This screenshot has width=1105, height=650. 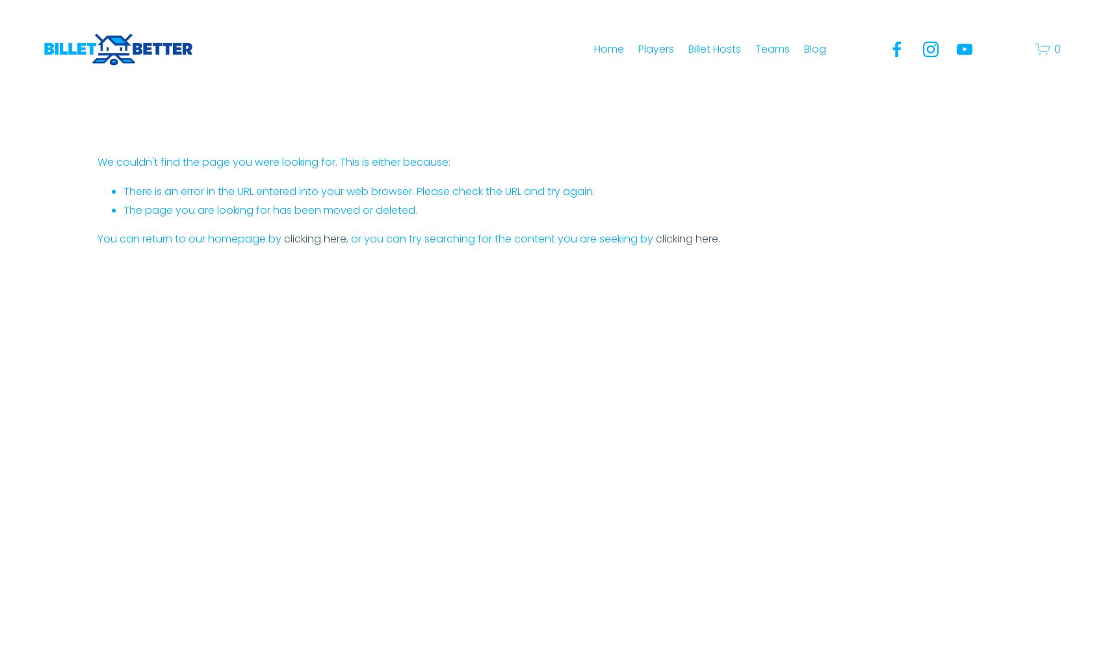 I want to click on 'There is an error in the URL entered into your web browser. Please check the URL and try again.', so click(x=358, y=190).